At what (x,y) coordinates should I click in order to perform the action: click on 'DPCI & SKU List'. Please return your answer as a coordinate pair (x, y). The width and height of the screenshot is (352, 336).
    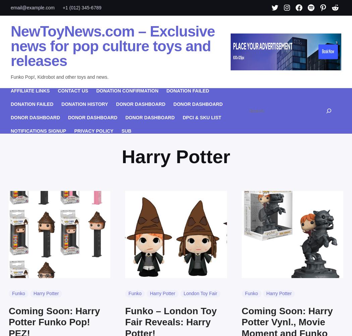
    Looking at the image, I should click on (182, 117).